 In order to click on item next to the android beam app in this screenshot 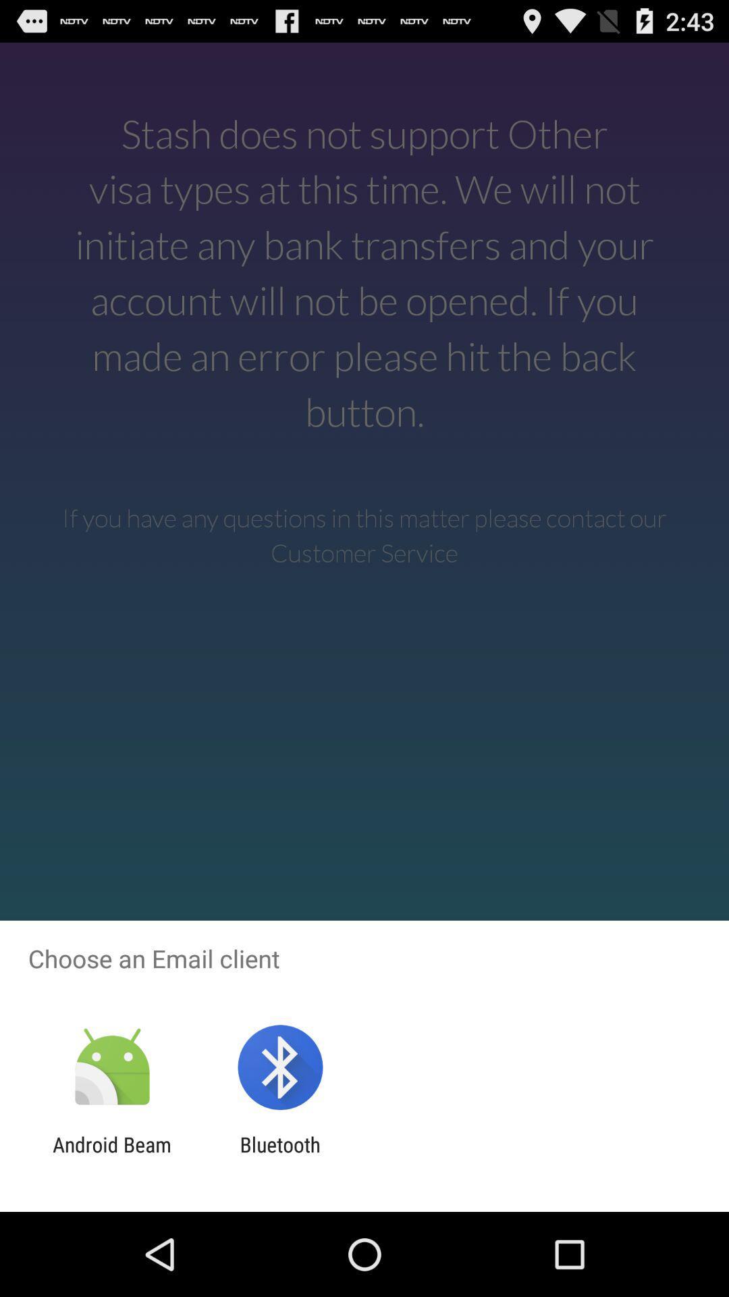, I will do `click(279, 1156)`.